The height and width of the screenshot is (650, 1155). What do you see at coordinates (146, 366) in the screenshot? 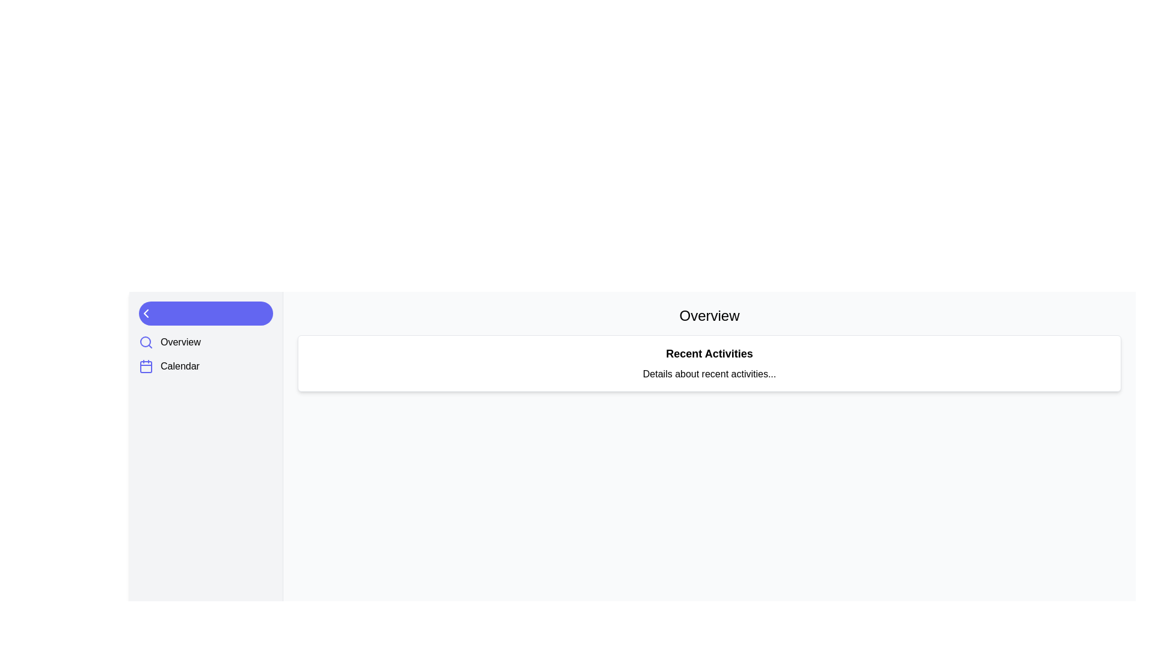
I see `the rounded rectangle graphical shape within the SVG representation of the calendar icon` at bounding box center [146, 366].